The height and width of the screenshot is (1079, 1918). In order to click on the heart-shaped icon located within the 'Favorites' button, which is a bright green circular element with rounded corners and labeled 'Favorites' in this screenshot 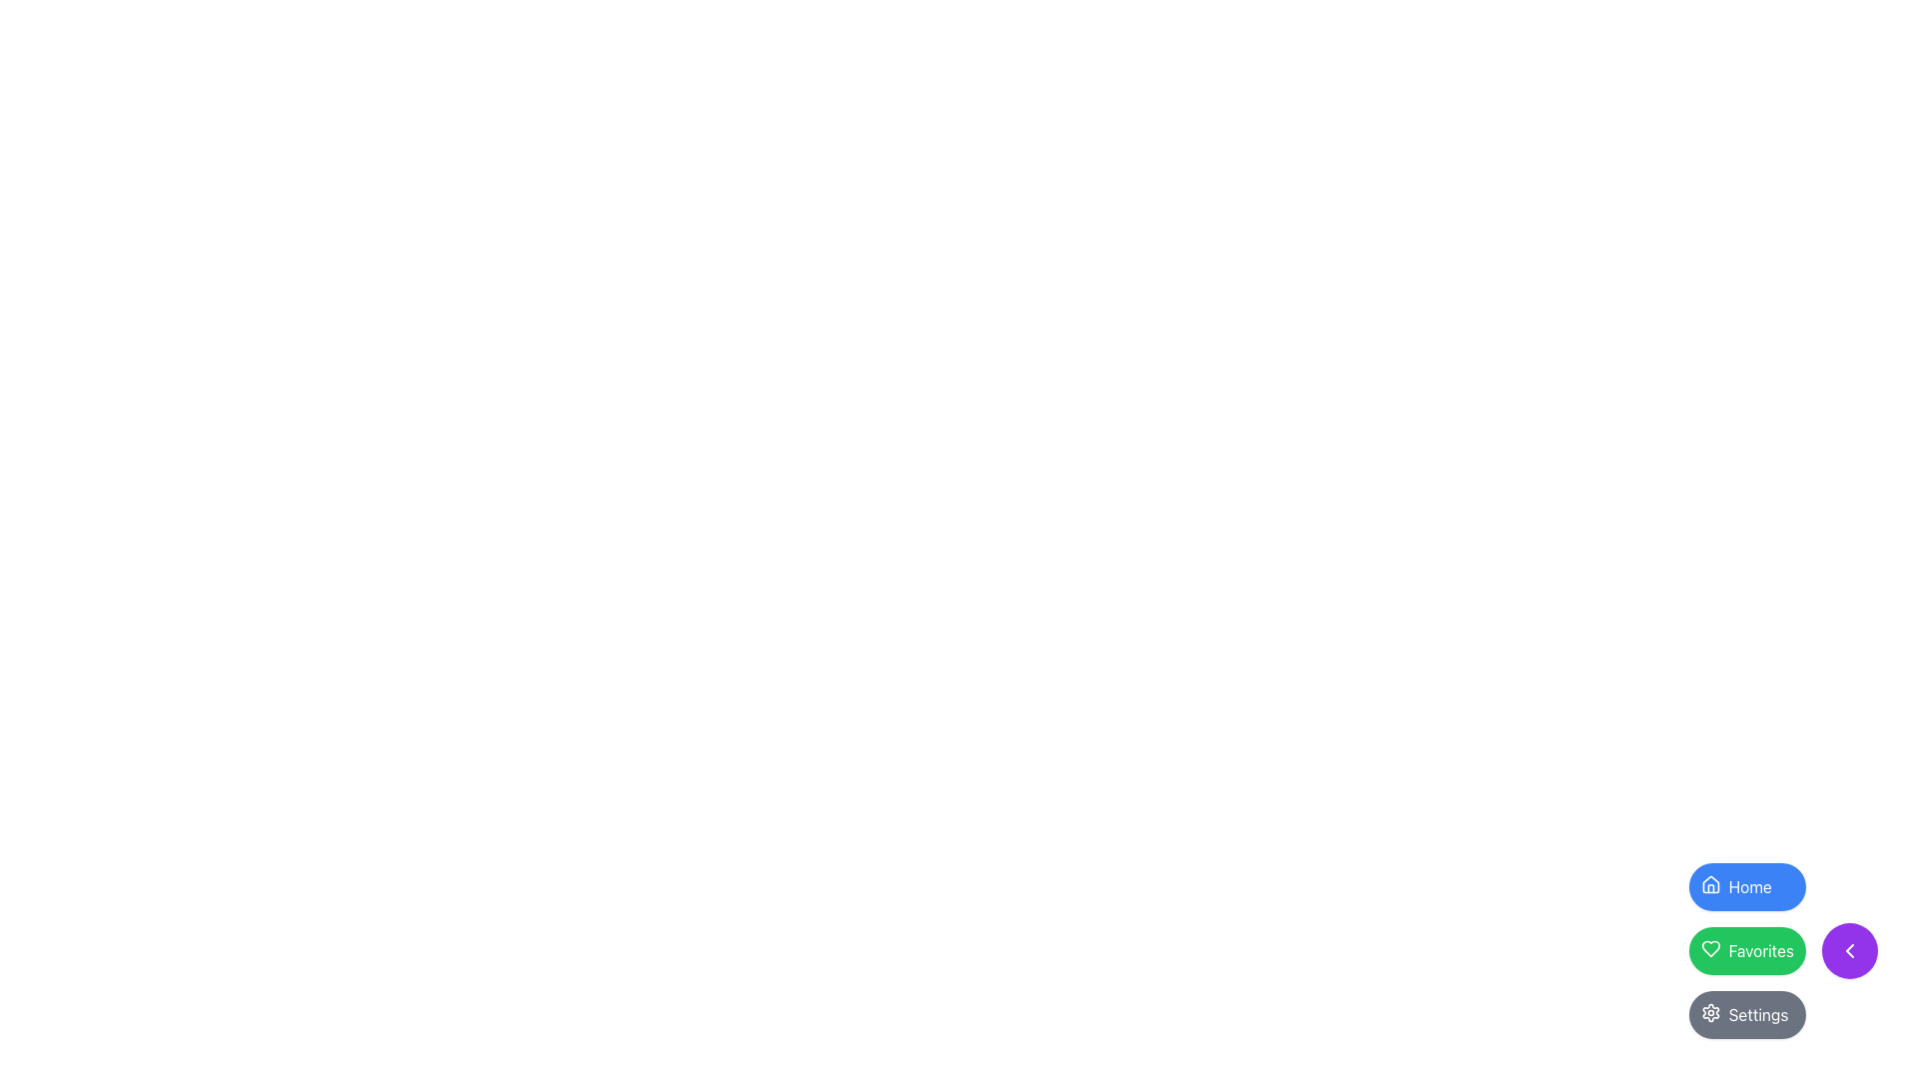, I will do `click(1709, 947)`.